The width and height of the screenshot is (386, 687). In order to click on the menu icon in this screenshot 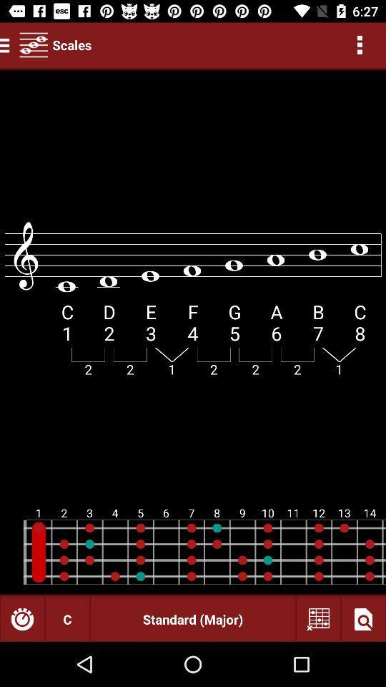, I will do `click(6, 44)`.